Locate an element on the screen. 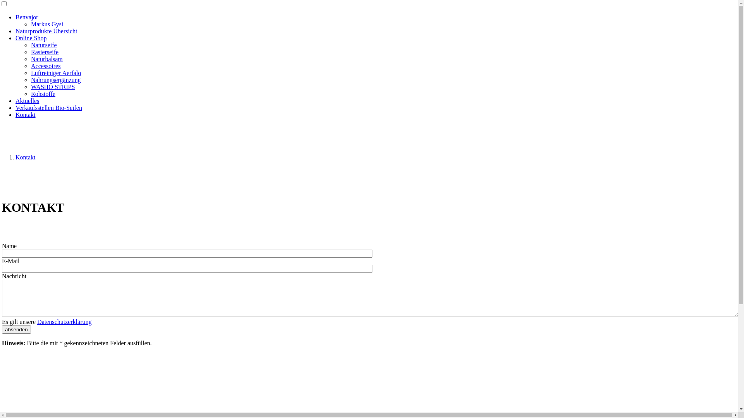 This screenshot has height=418, width=744. 'Markus Gysi' is located at coordinates (31, 24).